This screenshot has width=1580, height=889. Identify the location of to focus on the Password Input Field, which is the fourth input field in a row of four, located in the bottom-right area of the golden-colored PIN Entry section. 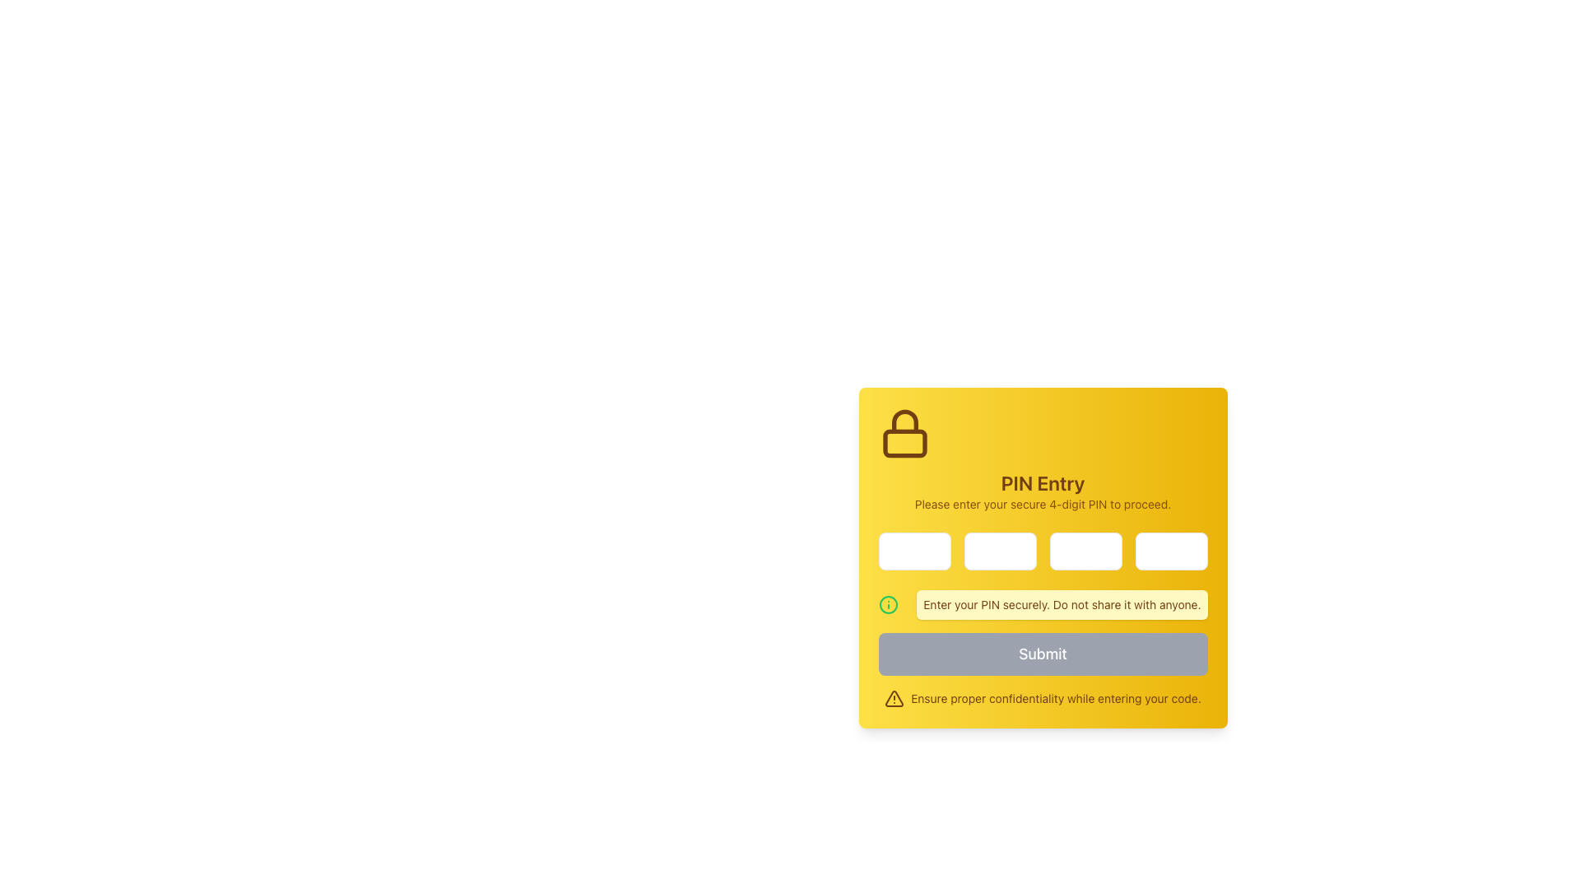
(1170, 552).